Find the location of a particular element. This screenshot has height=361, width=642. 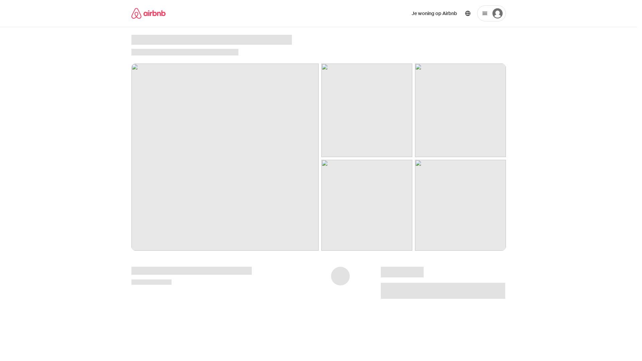

'Je woning op Airbnb' is located at coordinates (407, 13).